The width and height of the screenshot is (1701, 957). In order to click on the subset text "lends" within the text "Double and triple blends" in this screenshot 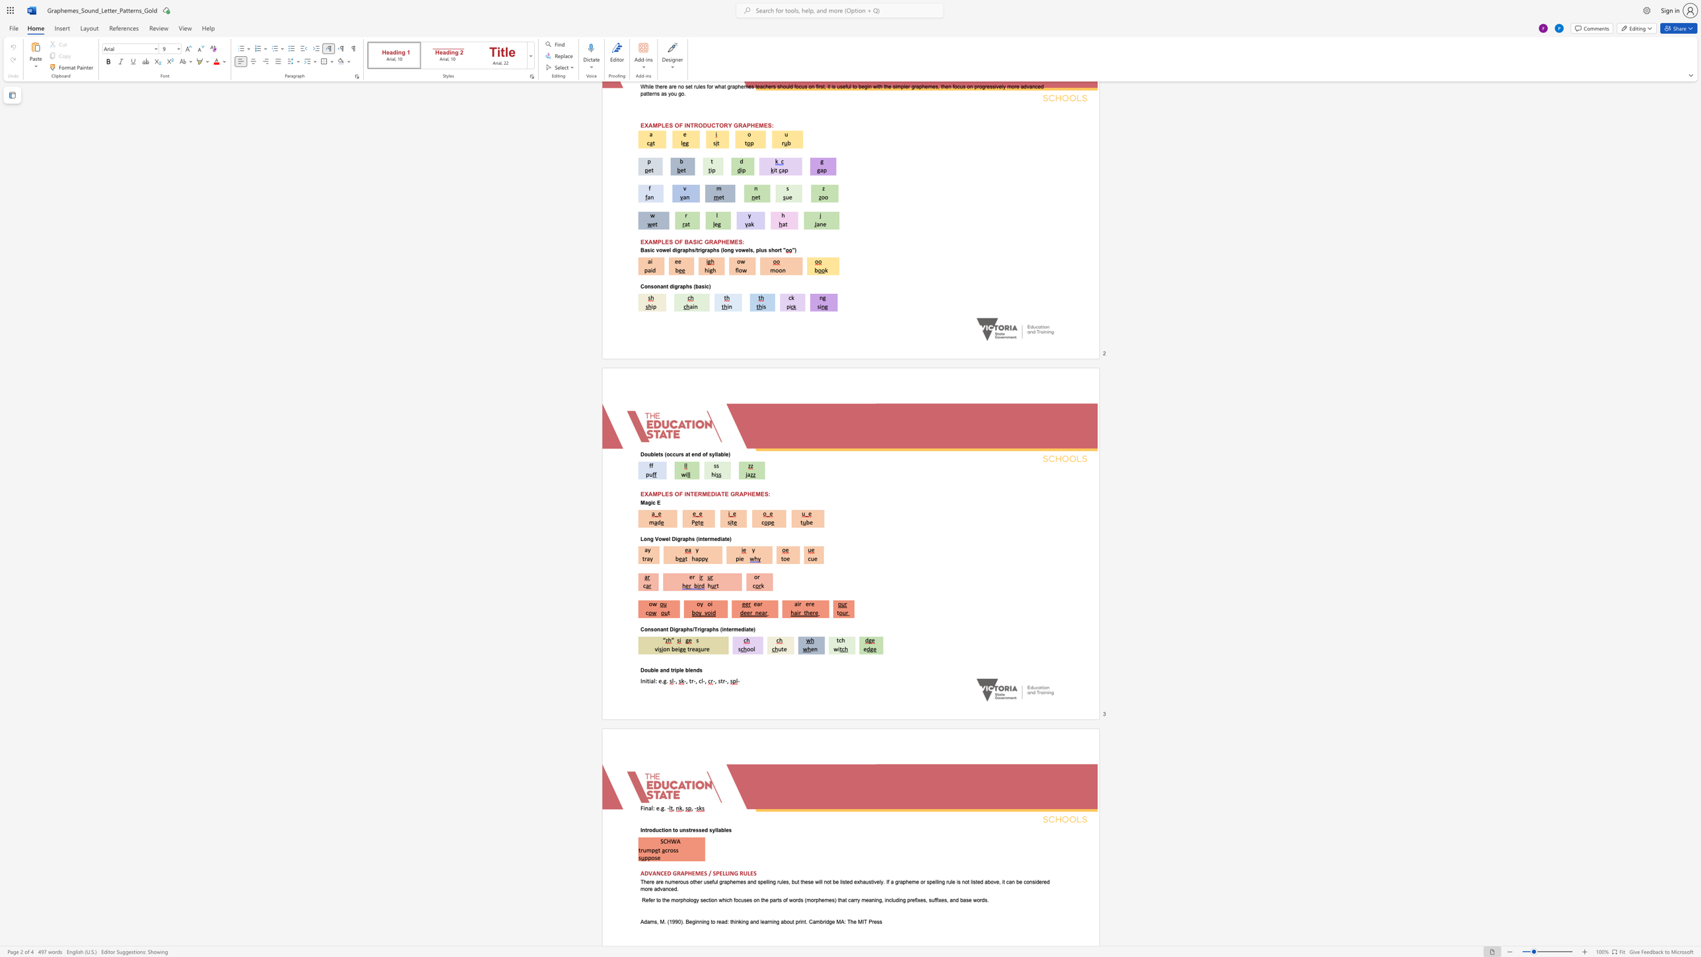, I will do `click(687, 669)`.